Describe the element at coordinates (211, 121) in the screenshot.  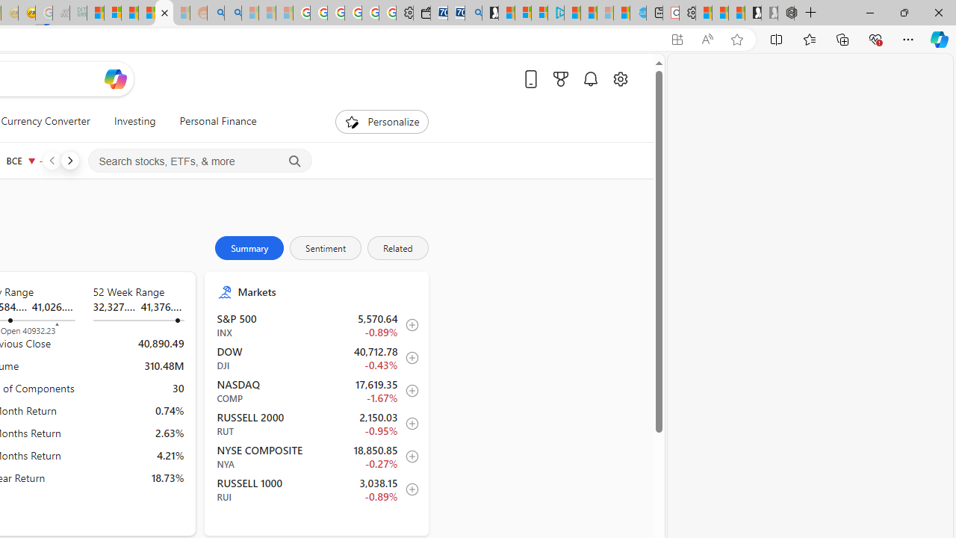
I see `'Personal Finance'` at that location.